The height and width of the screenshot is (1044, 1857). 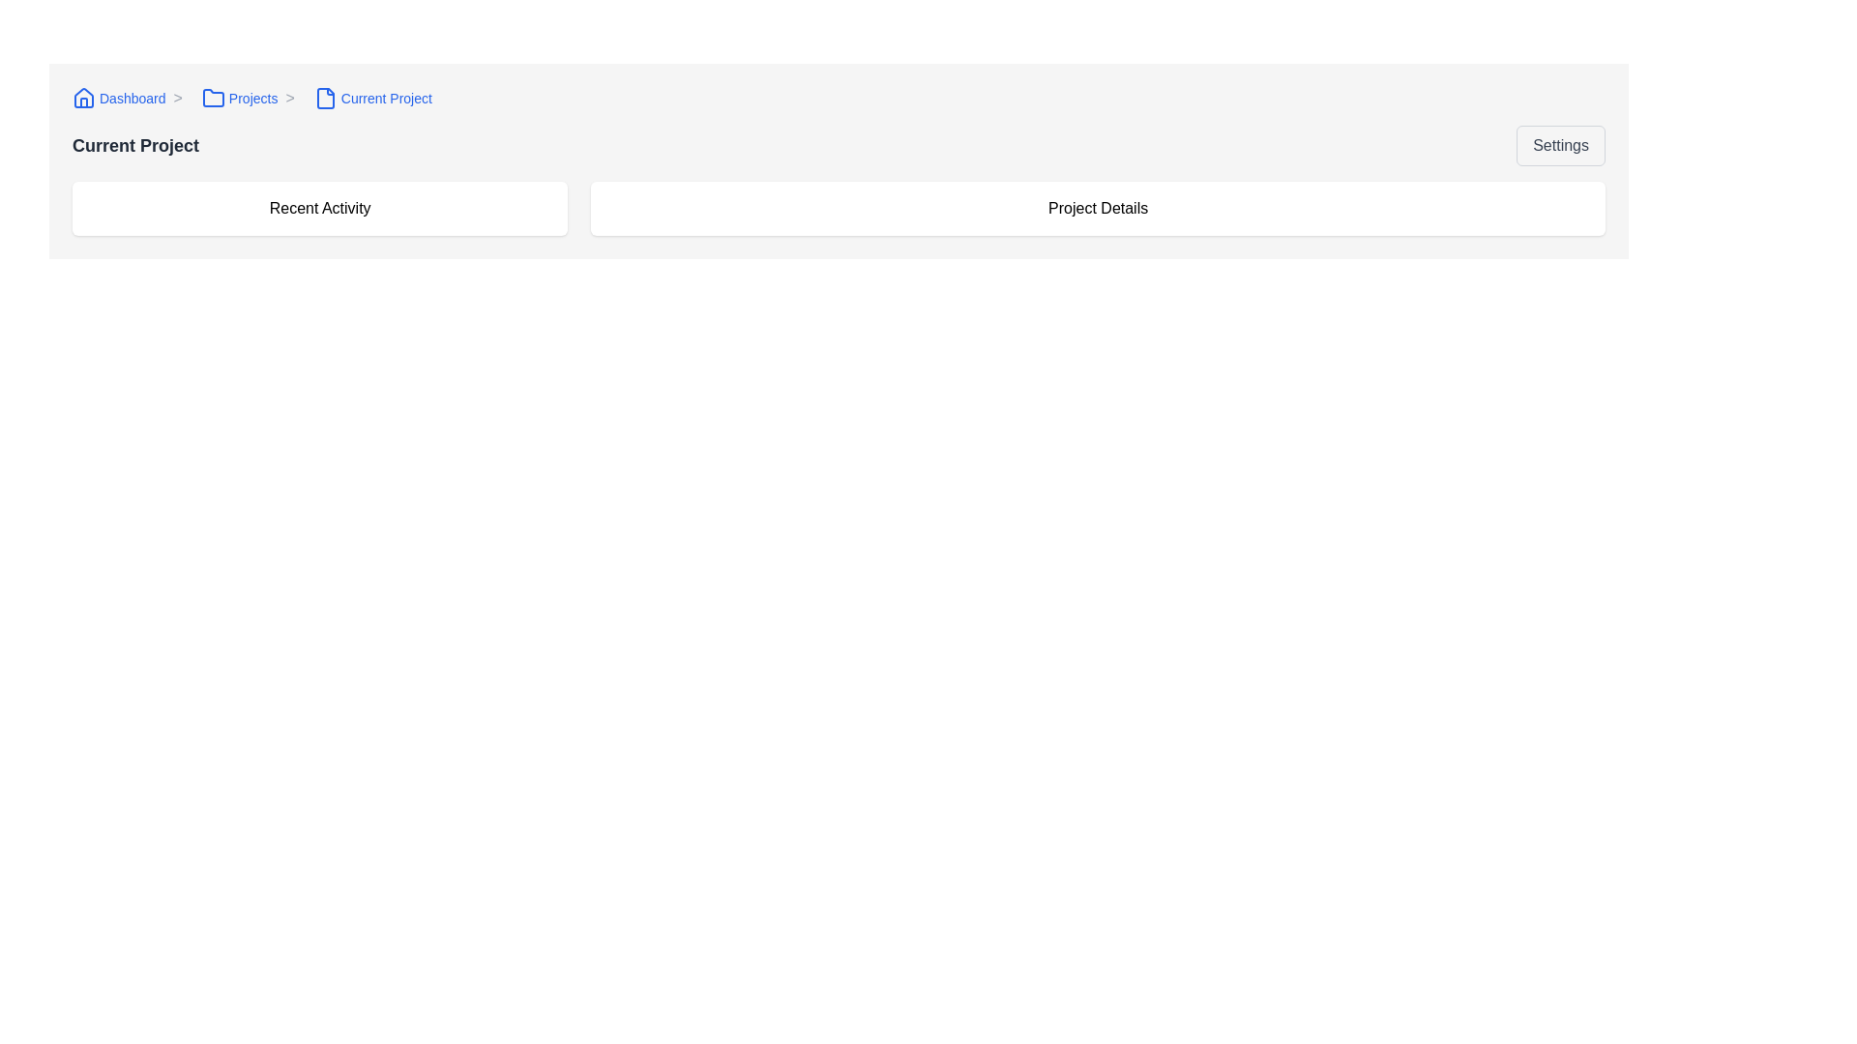 I want to click on the 'Current Project' icon in the breadcrumb navigation, so click(x=325, y=98).